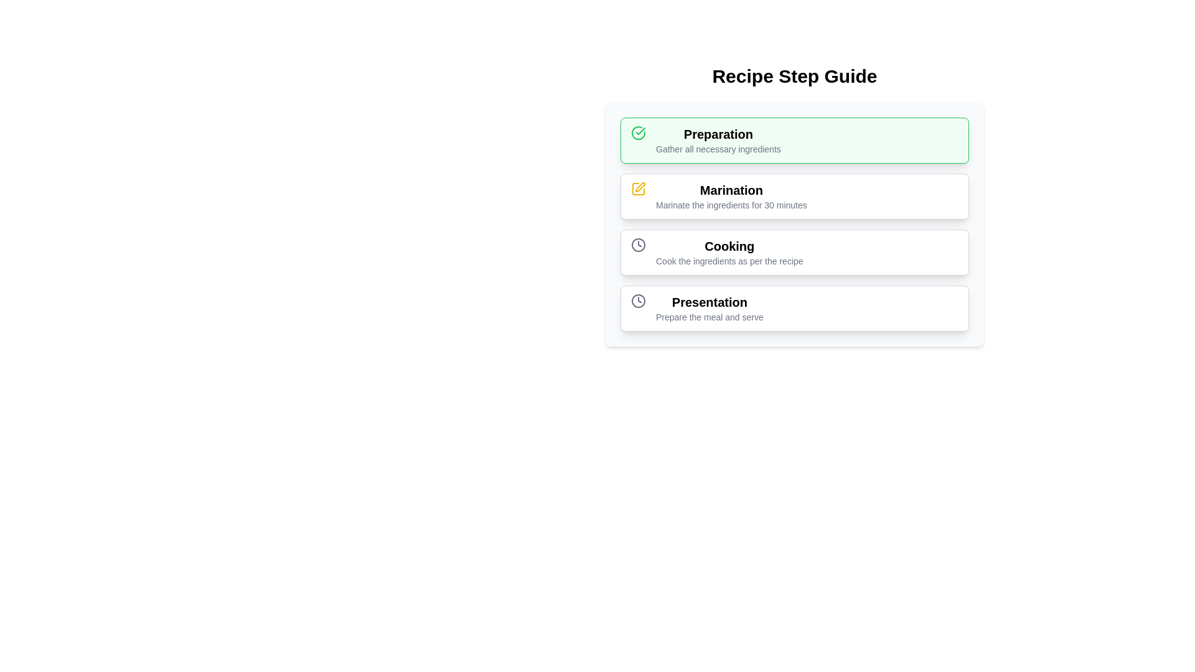 This screenshot has height=672, width=1195. What do you see at coordinates (639, 301) in the screenshot?
I see `the 'Presentation' step icon, which is located to the left of the text 'Presentation' in the fourth entry of the recipe steps` at bounding box center [639, 301].